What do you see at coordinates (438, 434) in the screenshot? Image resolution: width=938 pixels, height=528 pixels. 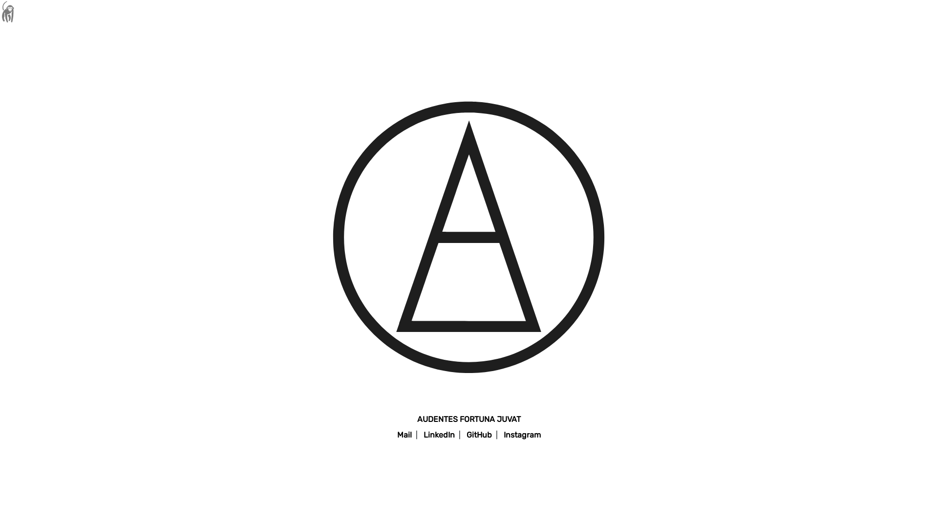 I see `'LinkedIn'` at bounding box center [438, 434].